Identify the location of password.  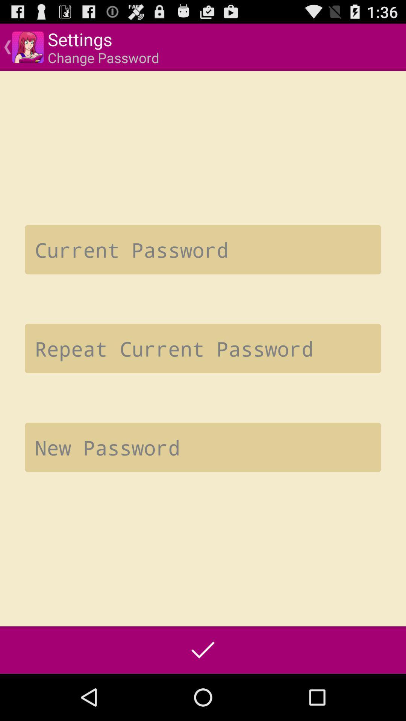
(203, 249).